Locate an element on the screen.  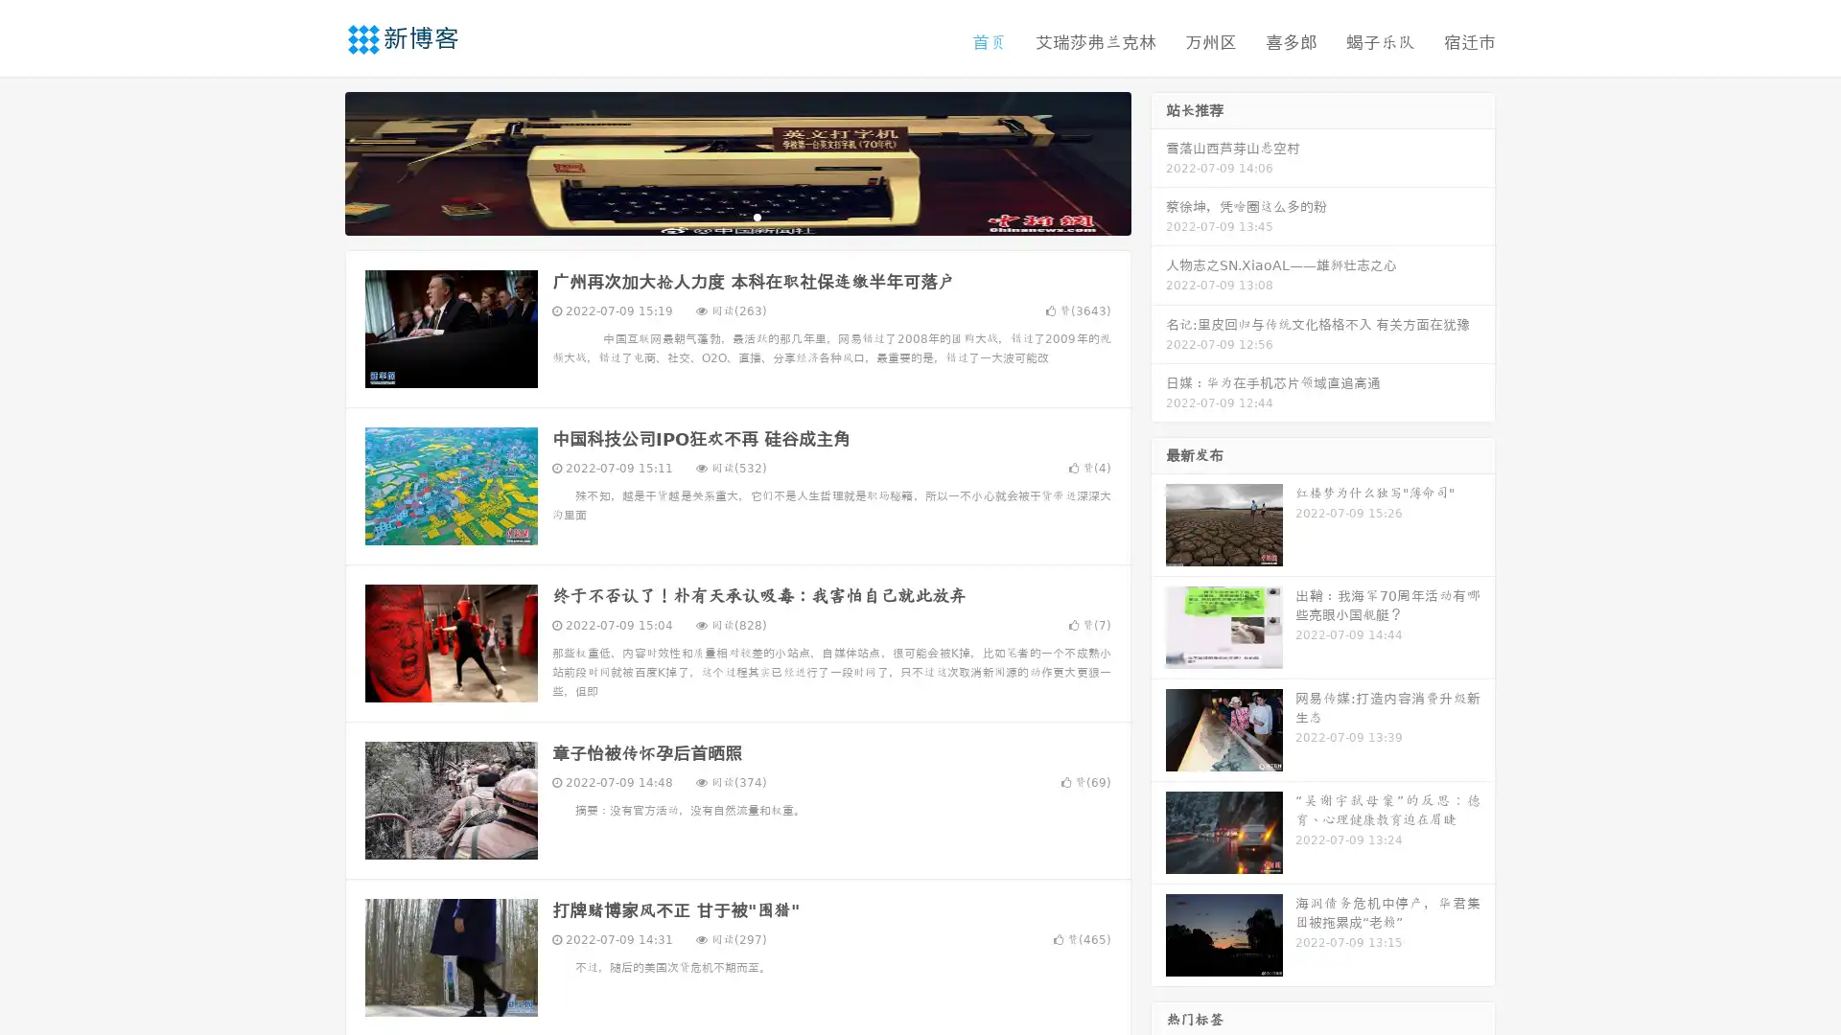
Next slide is located at coordinates (1158, 161).